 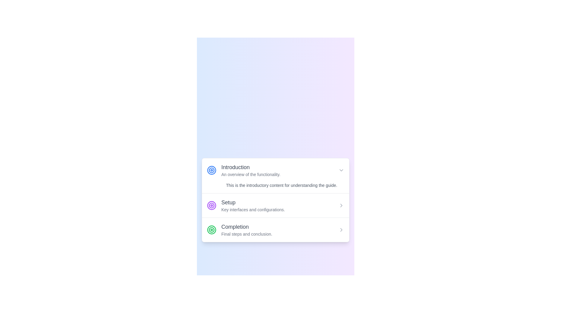 I want to click on the largest circle SVG graphic element that serves as a visual identifier for the 'Introduction' item in the list, so click(x=211, y=170).